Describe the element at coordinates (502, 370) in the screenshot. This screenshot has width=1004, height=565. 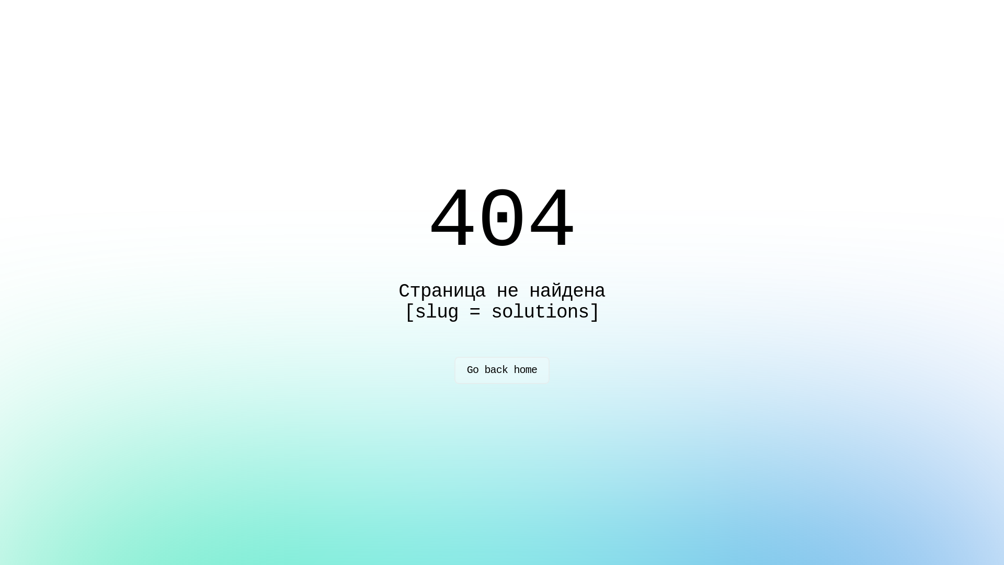
I see `'Go back home'` at that location.